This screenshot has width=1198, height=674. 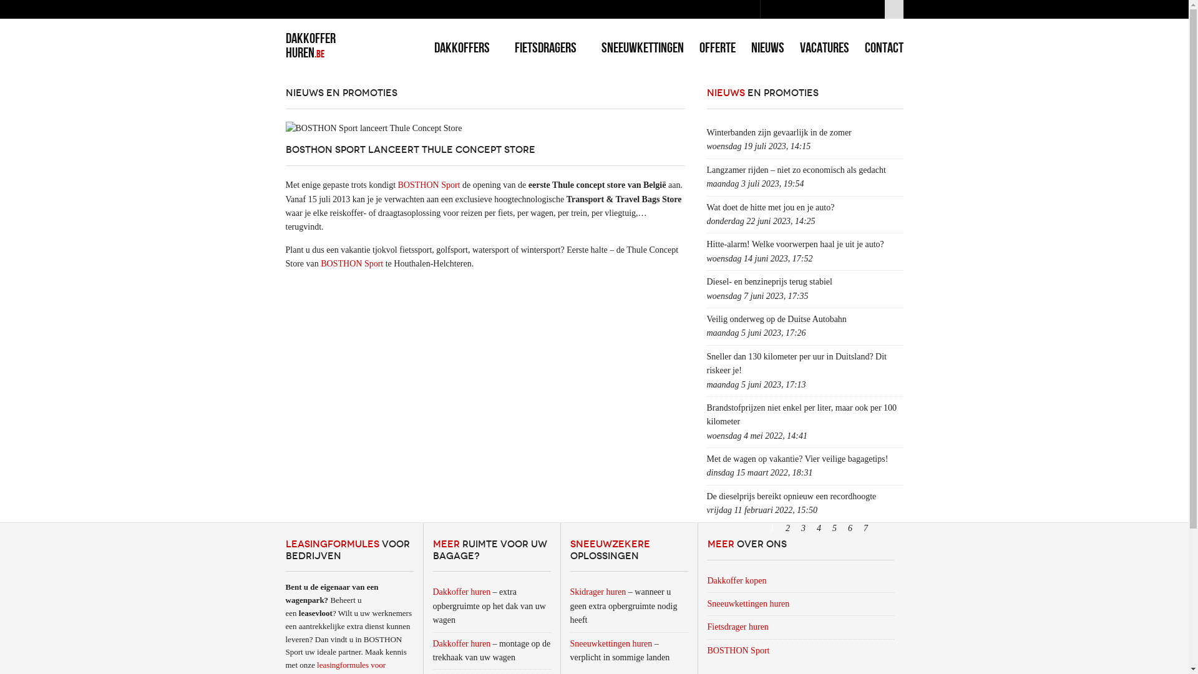 What do you see at coordinates (768, 281) in the screenshot?
I see `'Diesel- en benzineprijs terug stabiel'` at bounding box center [768, 281].